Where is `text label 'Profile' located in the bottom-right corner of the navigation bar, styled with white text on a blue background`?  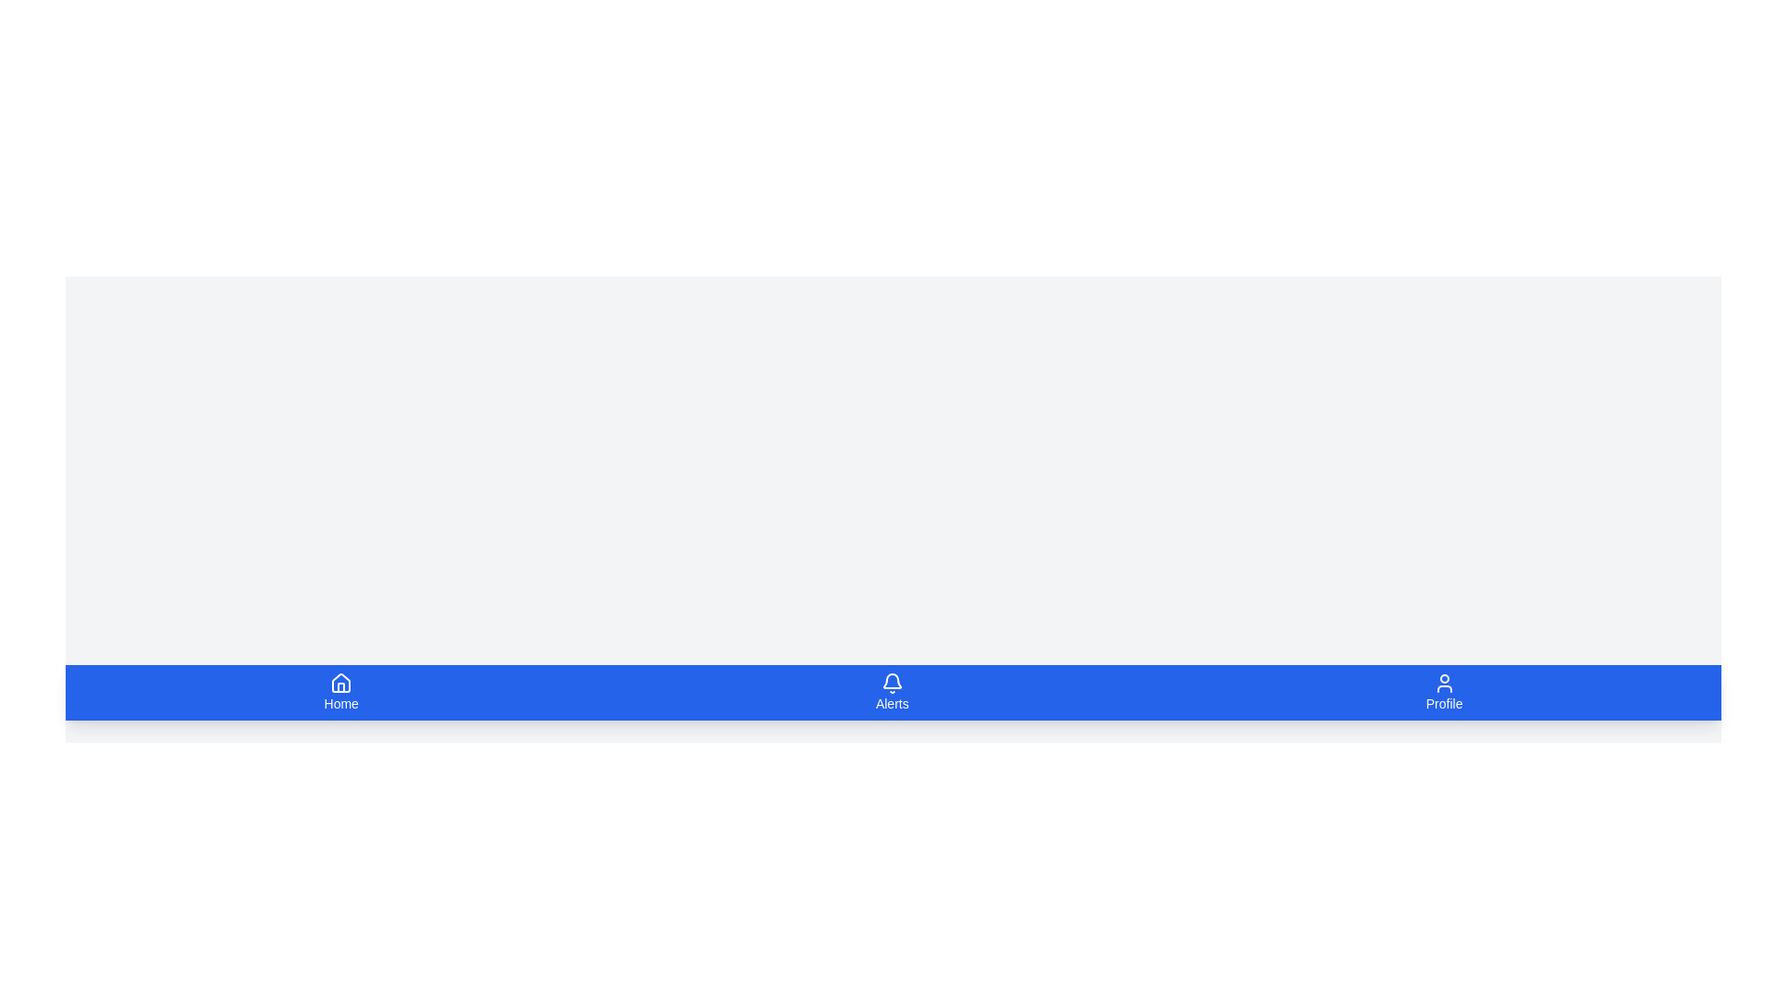 text label 'Profile' located in the bottom-right corner of the navigation bar, styled with white text on a blue background is located at coordinates (1443, 703).